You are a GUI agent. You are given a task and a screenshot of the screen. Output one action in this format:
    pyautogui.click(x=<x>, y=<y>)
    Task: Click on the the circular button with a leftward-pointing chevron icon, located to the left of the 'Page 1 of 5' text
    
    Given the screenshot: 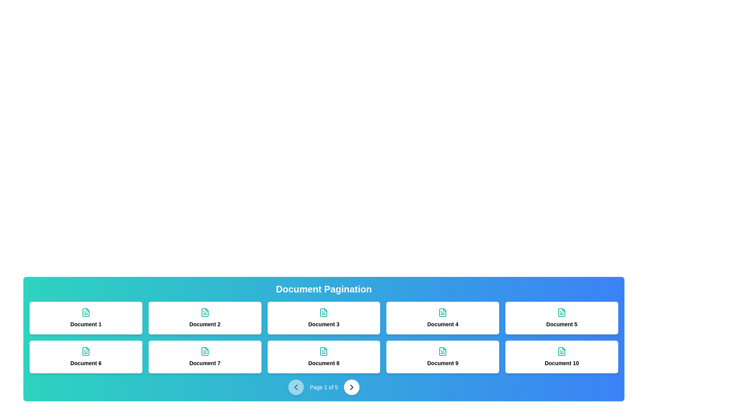 What is the action you would take?
    pyautogui.click(x=295, y=387)
    